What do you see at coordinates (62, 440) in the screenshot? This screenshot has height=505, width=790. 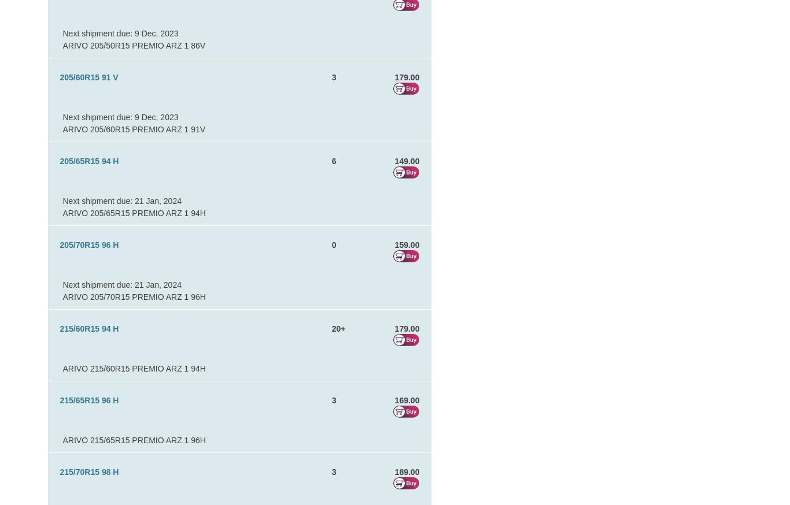 I see `'ARIVO 215/65R15 PREMIO ARZ 1 96H'` at bounding box center [62, 440].